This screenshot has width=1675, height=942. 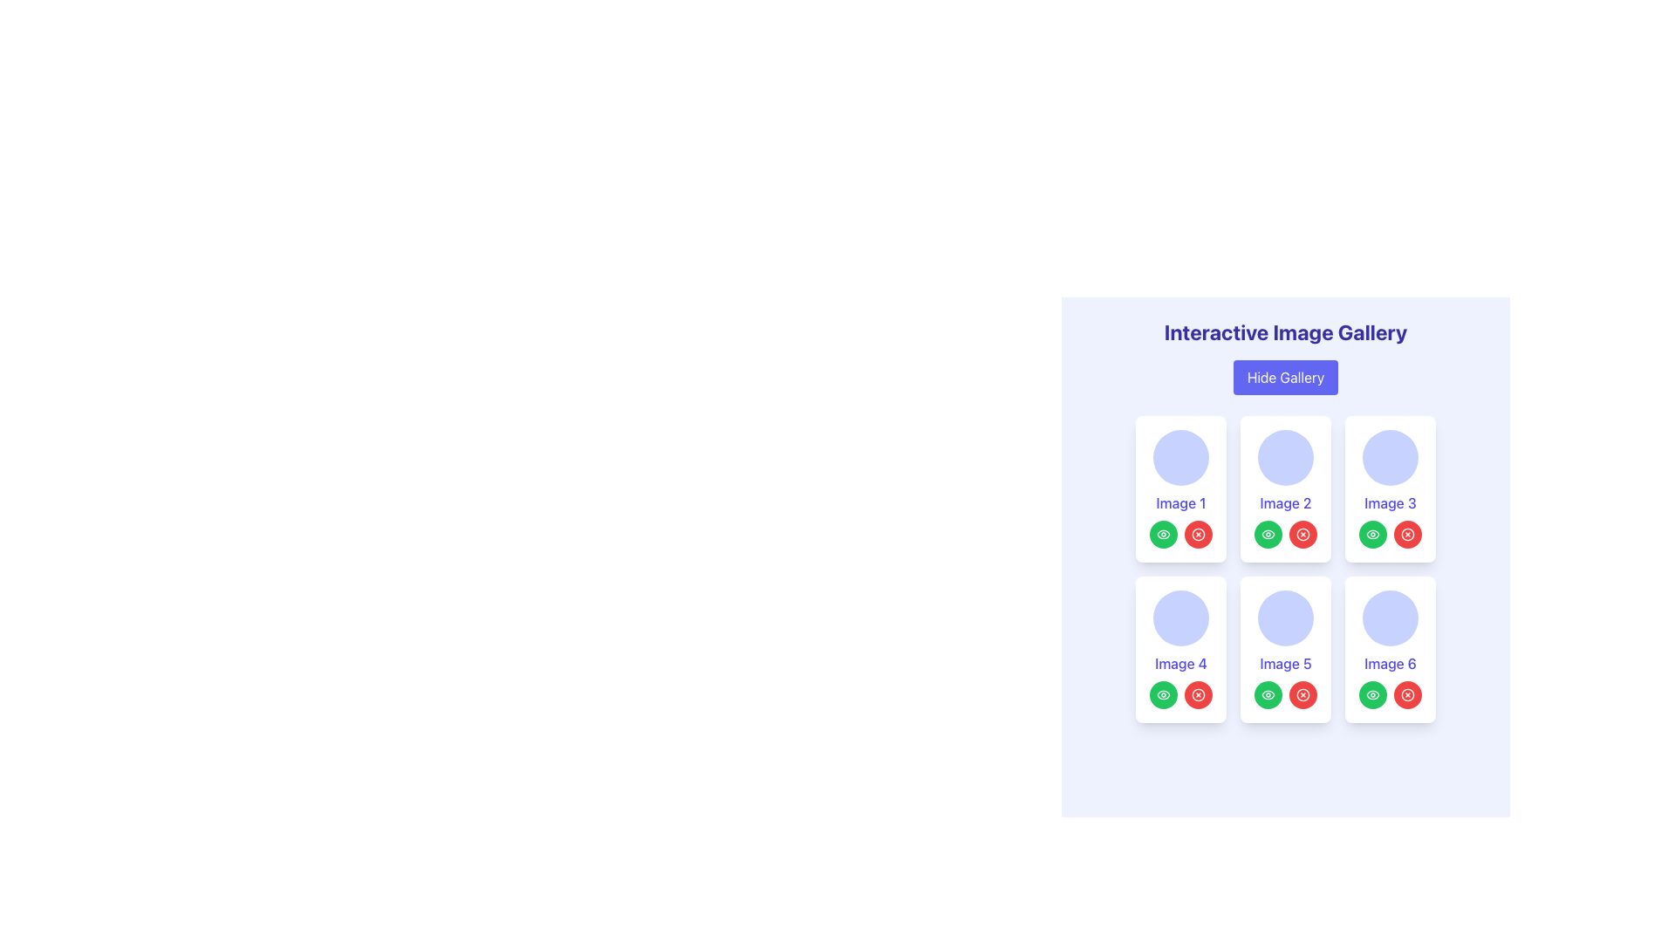 What do you see at coordinates (1372, 694) in the screenshot?
I see `the circular green button with a white eye icon located in the bottom row of the 6th card` at bounding box center [1372, 694].